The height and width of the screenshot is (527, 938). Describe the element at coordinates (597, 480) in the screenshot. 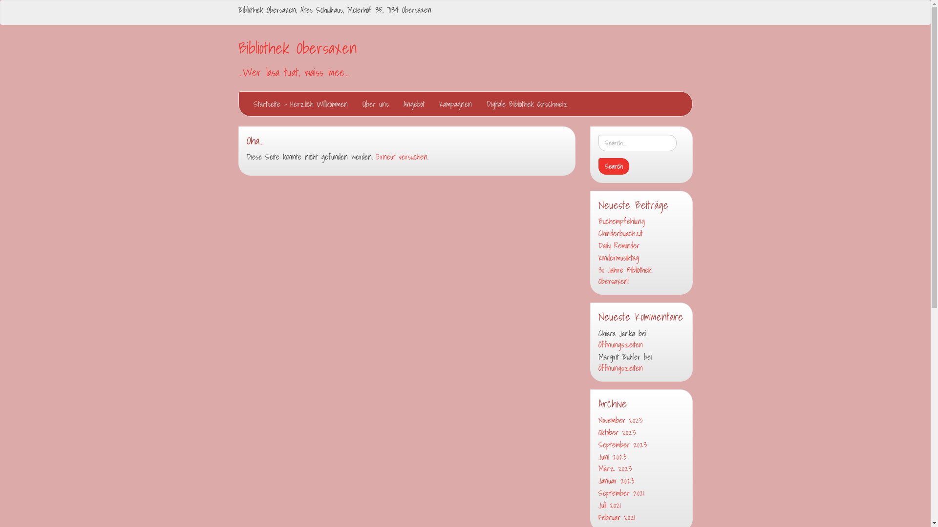

I see `'Januar 2023'` at that location.